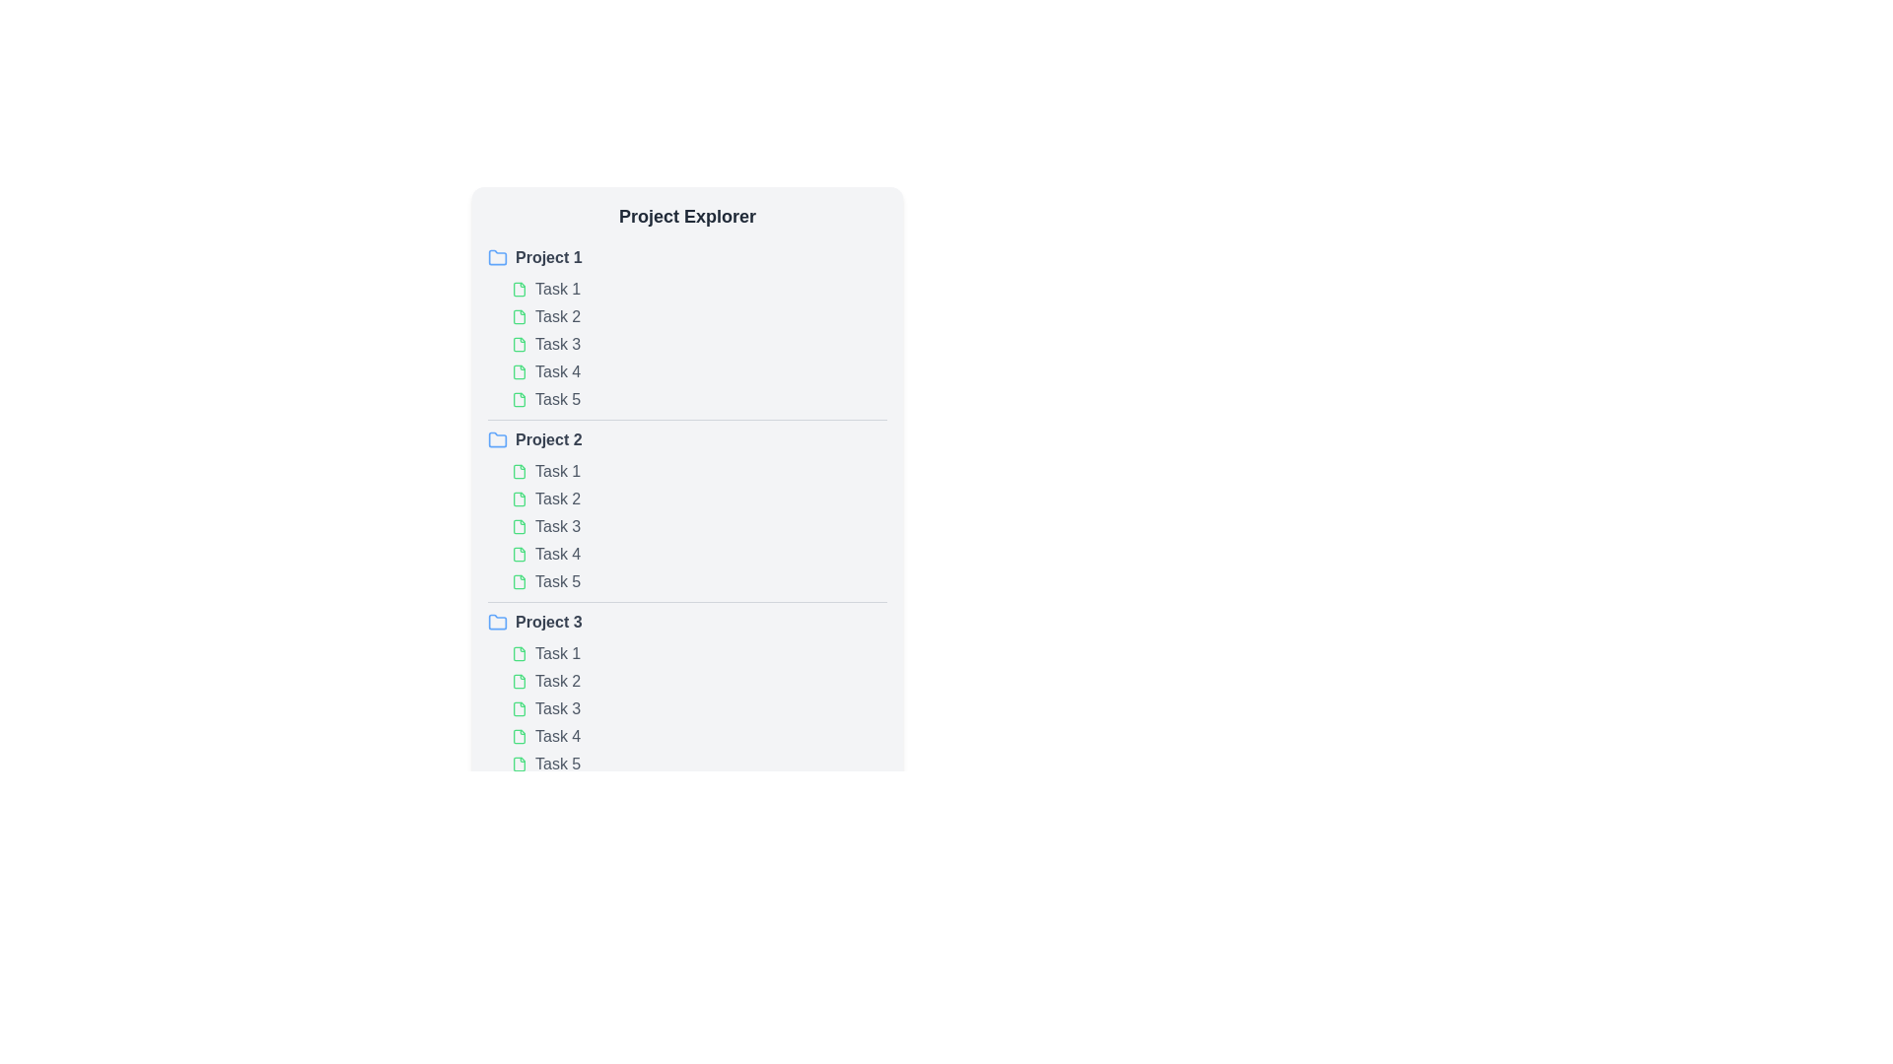  What do you see at coordinates (520, 653) in the screenshot?
I see `the small green file icon located in the third project section, adjacent to the text 'Task 1'` at bounding box center [520, 653].